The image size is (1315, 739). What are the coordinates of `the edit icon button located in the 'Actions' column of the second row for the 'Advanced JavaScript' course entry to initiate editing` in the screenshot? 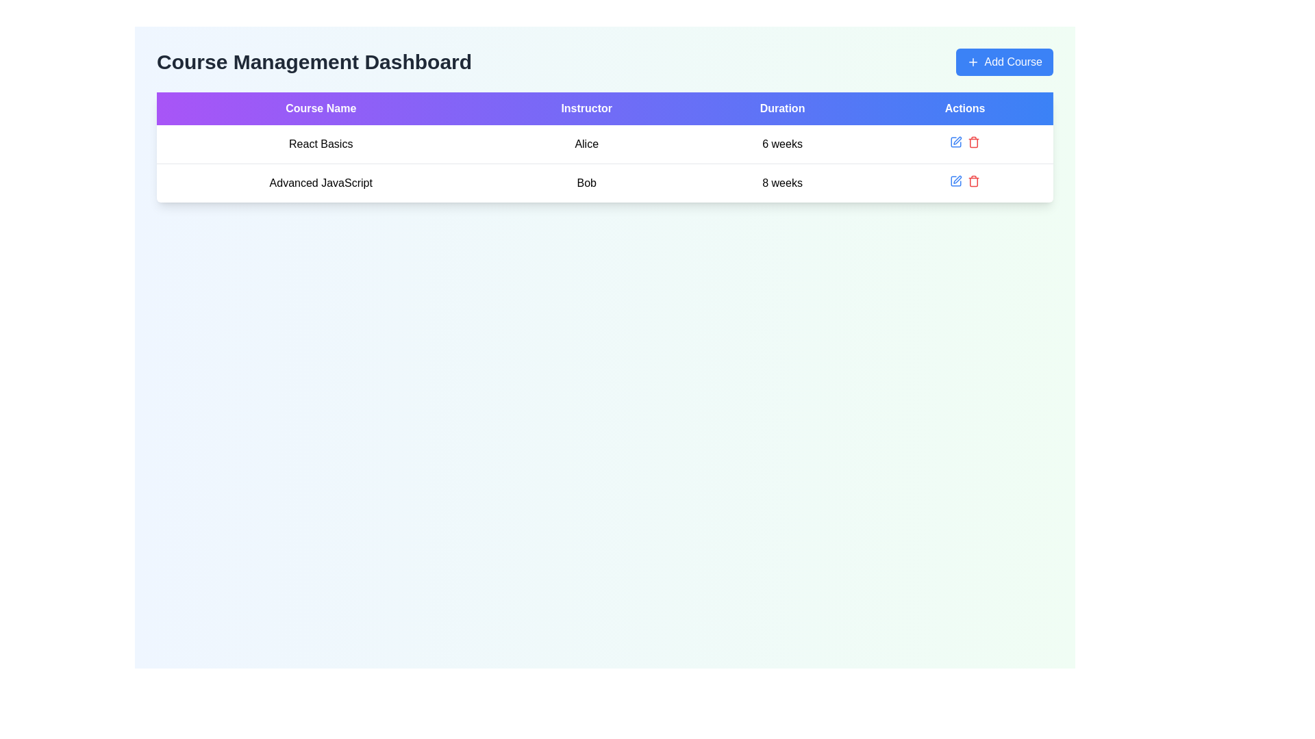 It's located at (955, 142).